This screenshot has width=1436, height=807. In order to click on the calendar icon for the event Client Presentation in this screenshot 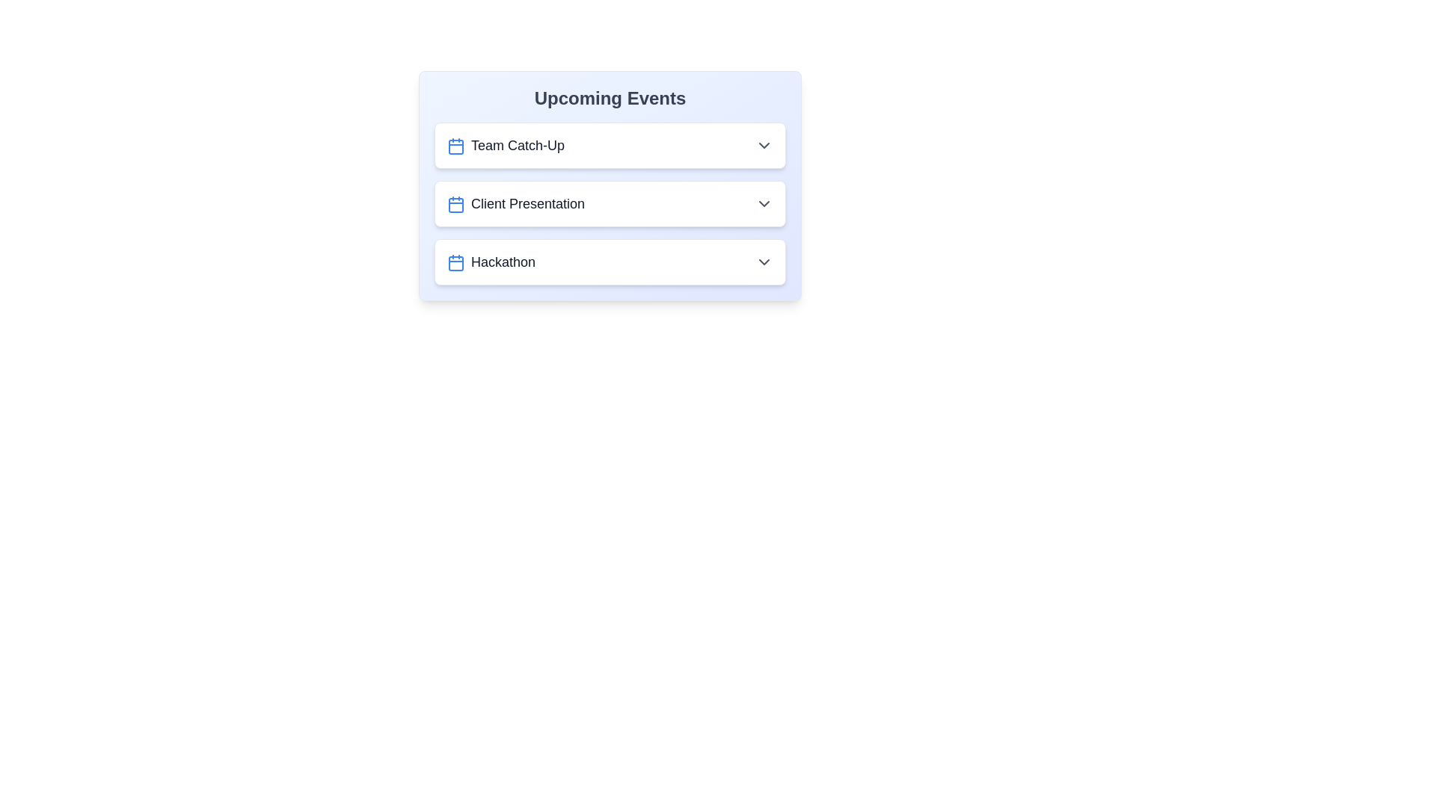, I will do `click(455, 205)`.